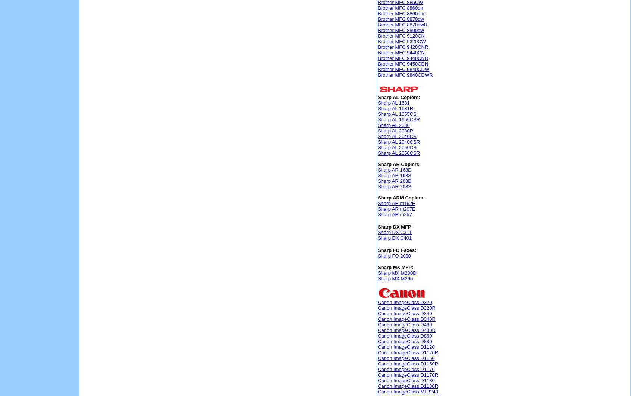 The height and width of the screenshot is (396, 631). I want to click on 'Brother MFC 8890dw', so click(377, 30).